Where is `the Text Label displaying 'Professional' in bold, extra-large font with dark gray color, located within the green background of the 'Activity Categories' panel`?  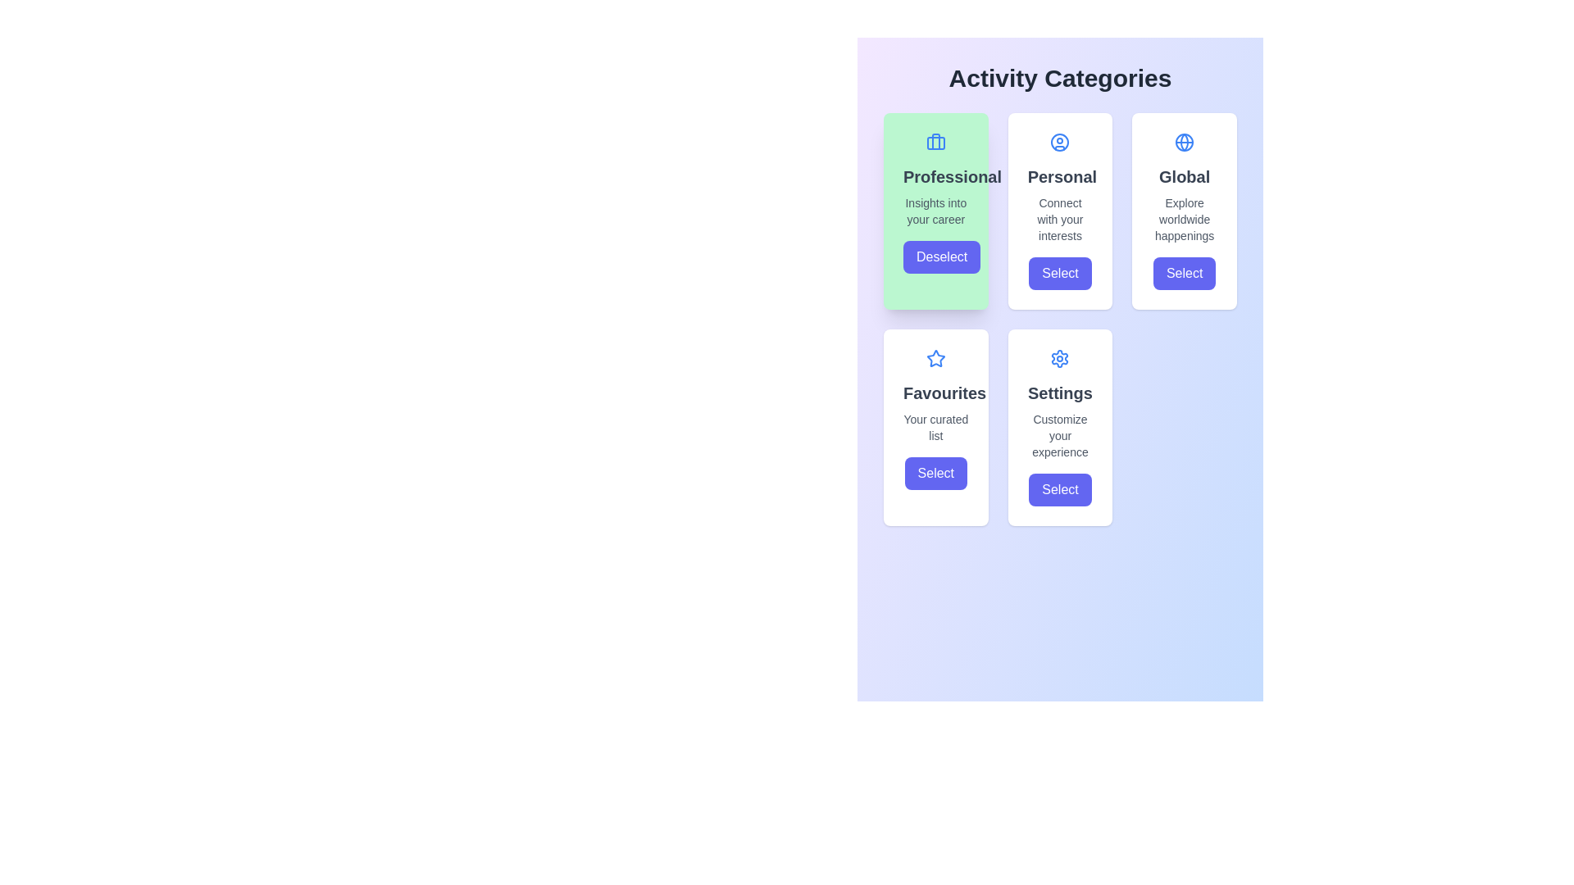
the Text Label displaying 'Professional' in bold, extra-large font with dark gray color, located within the green background of the 'Activity Categories' panel is located at coordinates (935, 177).